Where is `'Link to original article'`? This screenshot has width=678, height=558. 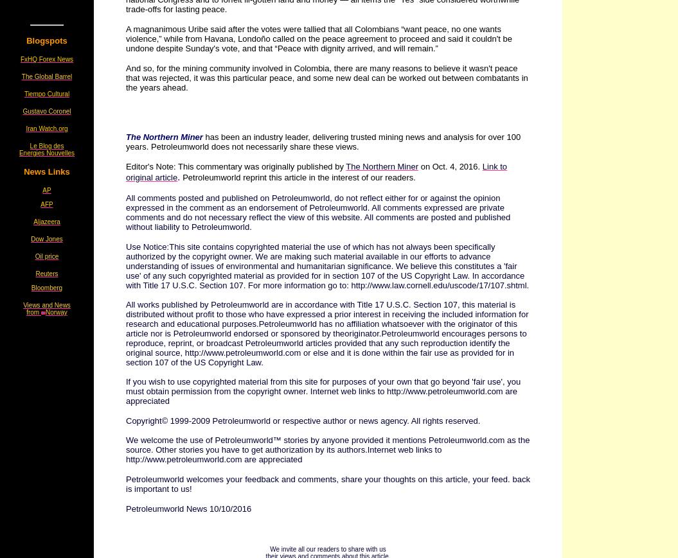 'Link to original article' is located at coordinates (316, 171).